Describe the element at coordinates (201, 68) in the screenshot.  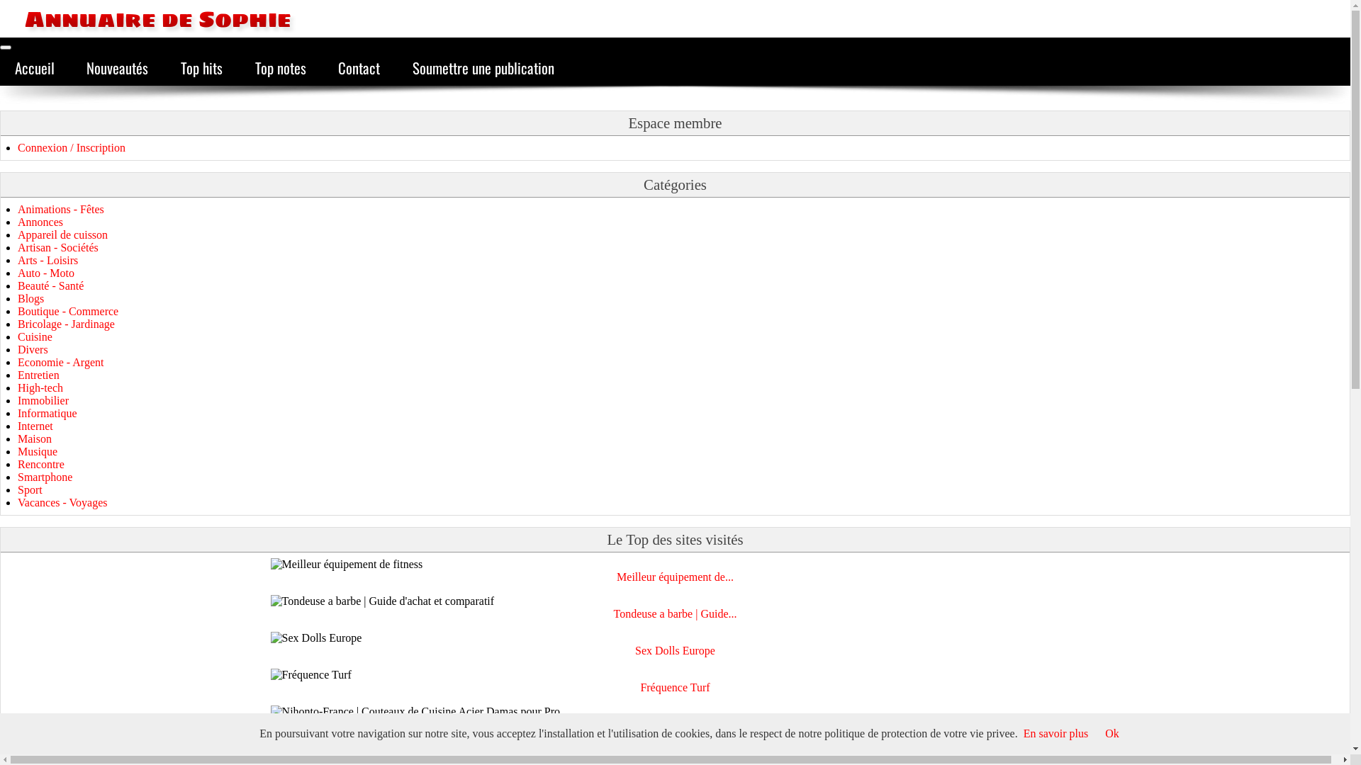
I see `'Top hits'` at that location.